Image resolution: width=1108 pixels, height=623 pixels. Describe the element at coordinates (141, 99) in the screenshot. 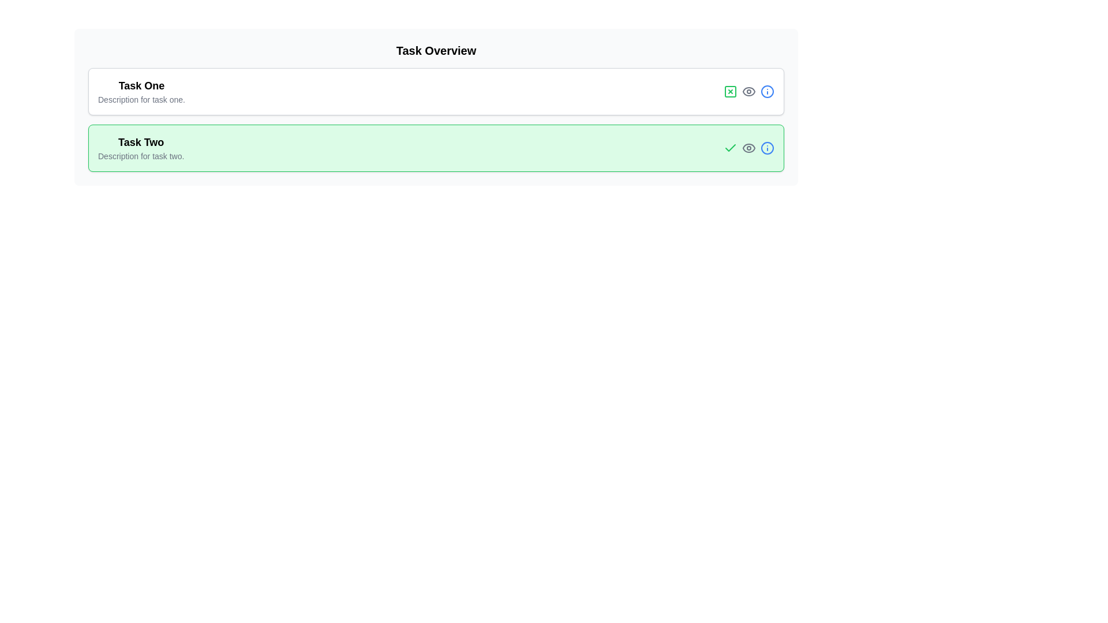

I see `the Text label displaying 'Description for task one.' located below the title 'Task One' in the first task card` at that location.